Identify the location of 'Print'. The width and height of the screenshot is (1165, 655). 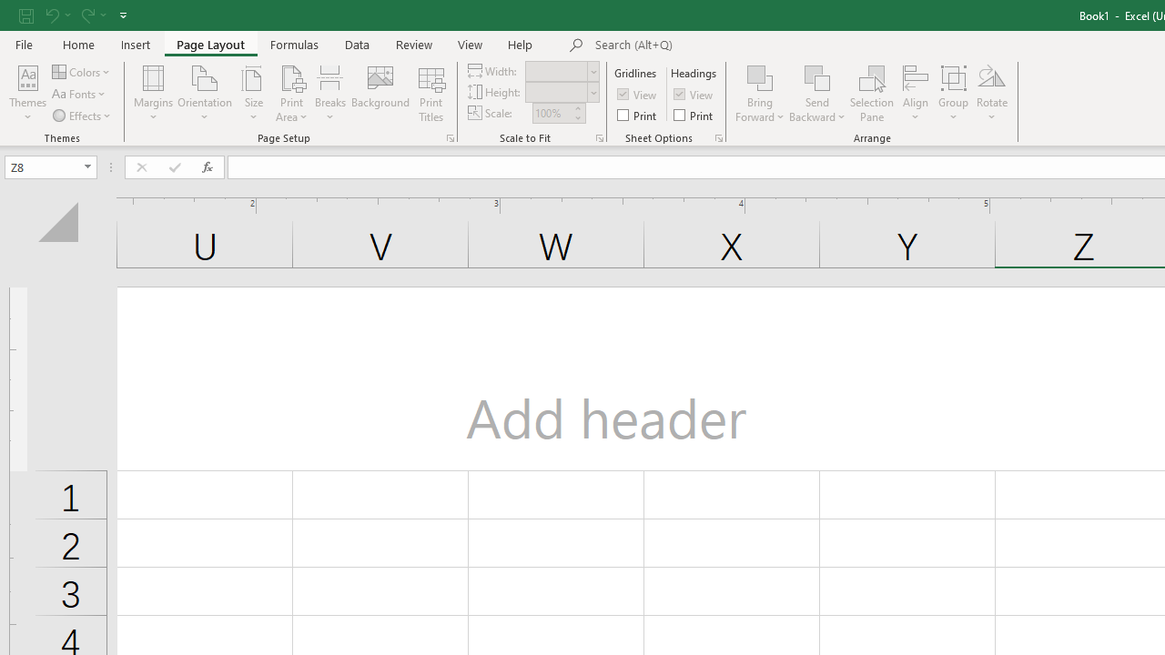
(694, 115).